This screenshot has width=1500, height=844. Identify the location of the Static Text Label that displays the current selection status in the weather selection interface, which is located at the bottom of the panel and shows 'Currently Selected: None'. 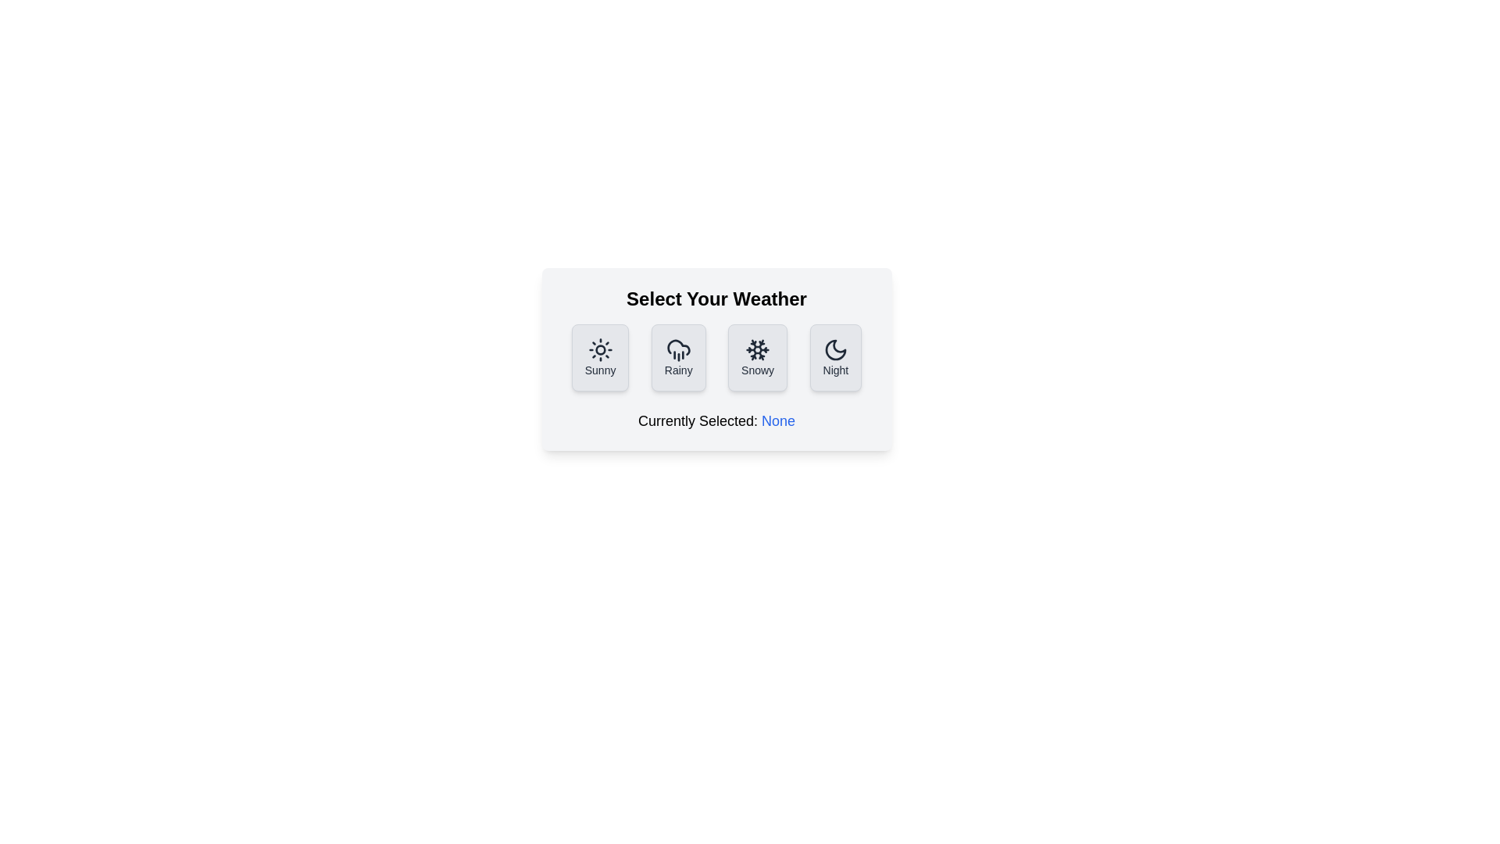
(778, 420).